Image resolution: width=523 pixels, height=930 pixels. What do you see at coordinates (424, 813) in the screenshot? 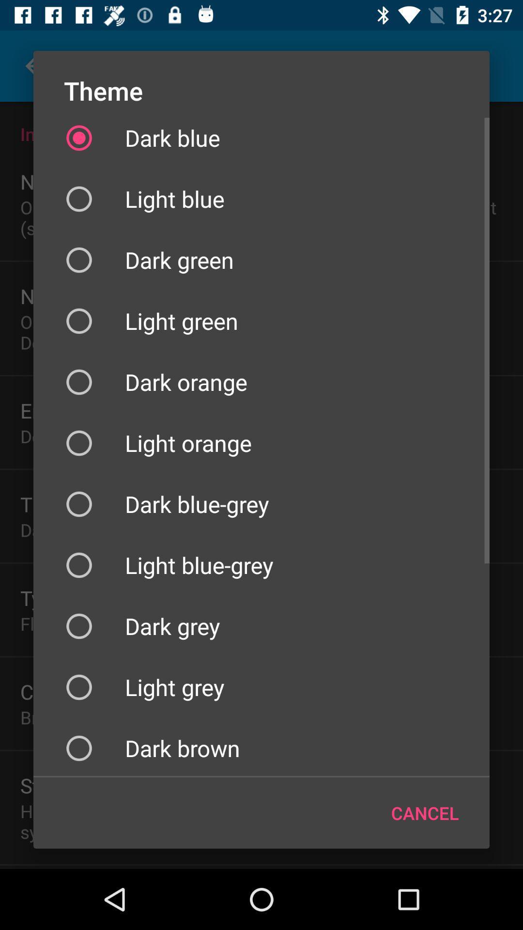
I see `the item below dark brown item` at bounding box center [424, 813].